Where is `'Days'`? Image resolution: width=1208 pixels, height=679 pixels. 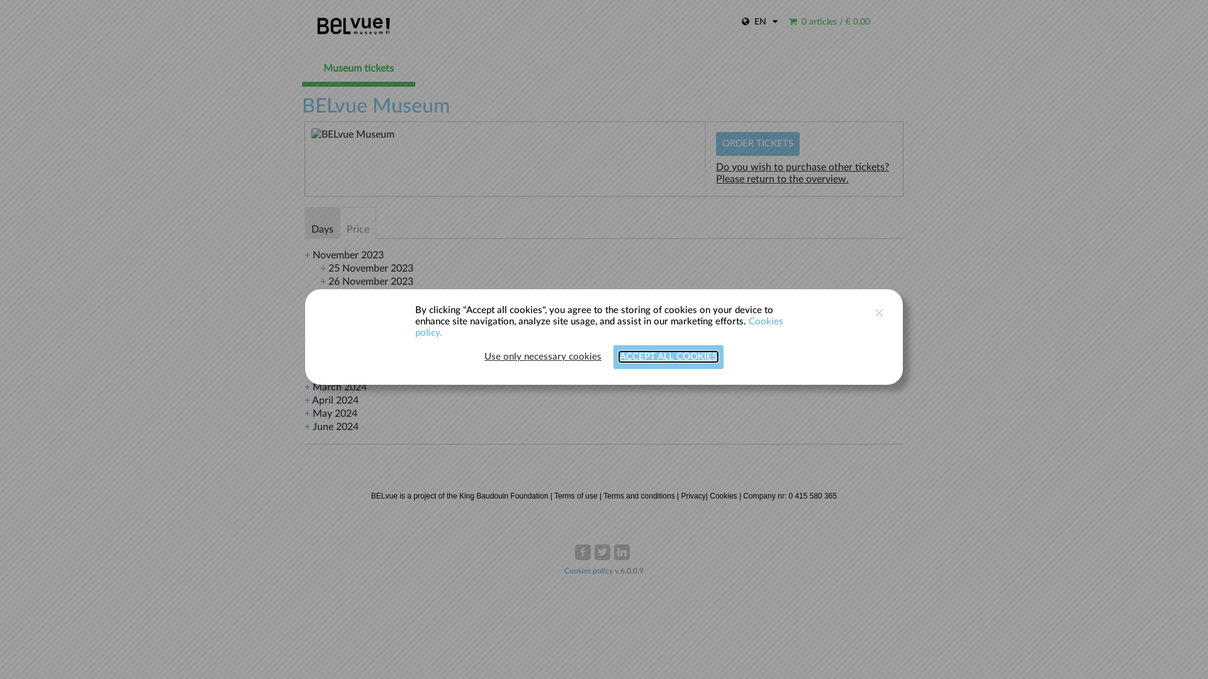
'Days' is located at coordinates (322, 222).